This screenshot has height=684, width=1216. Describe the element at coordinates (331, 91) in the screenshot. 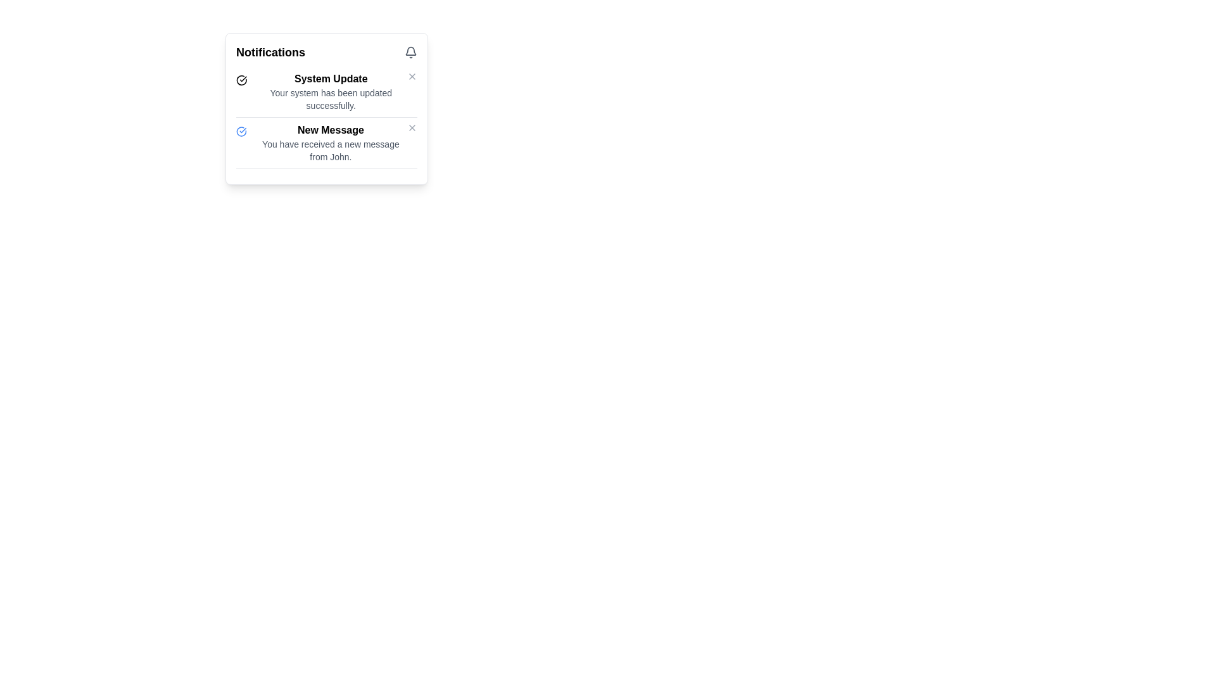

I see `message content of the successful system update notification, which is the first notification listed under the 'Notifications' header` at that location.